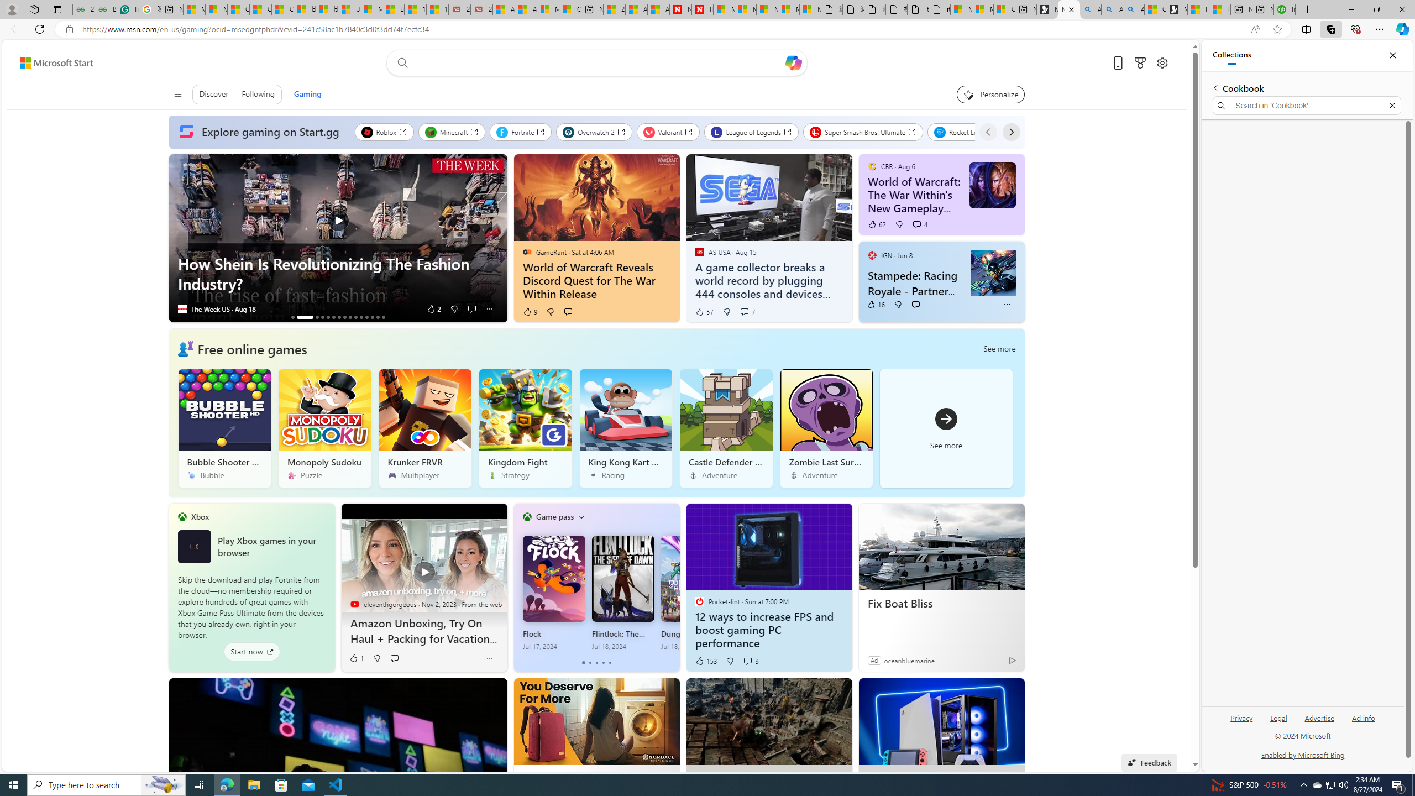 The width and height of the screenshot is (1415, 796). Describe the element at coordinates (590, 662) in the screenshot. I see `'tab-1'` at that location.